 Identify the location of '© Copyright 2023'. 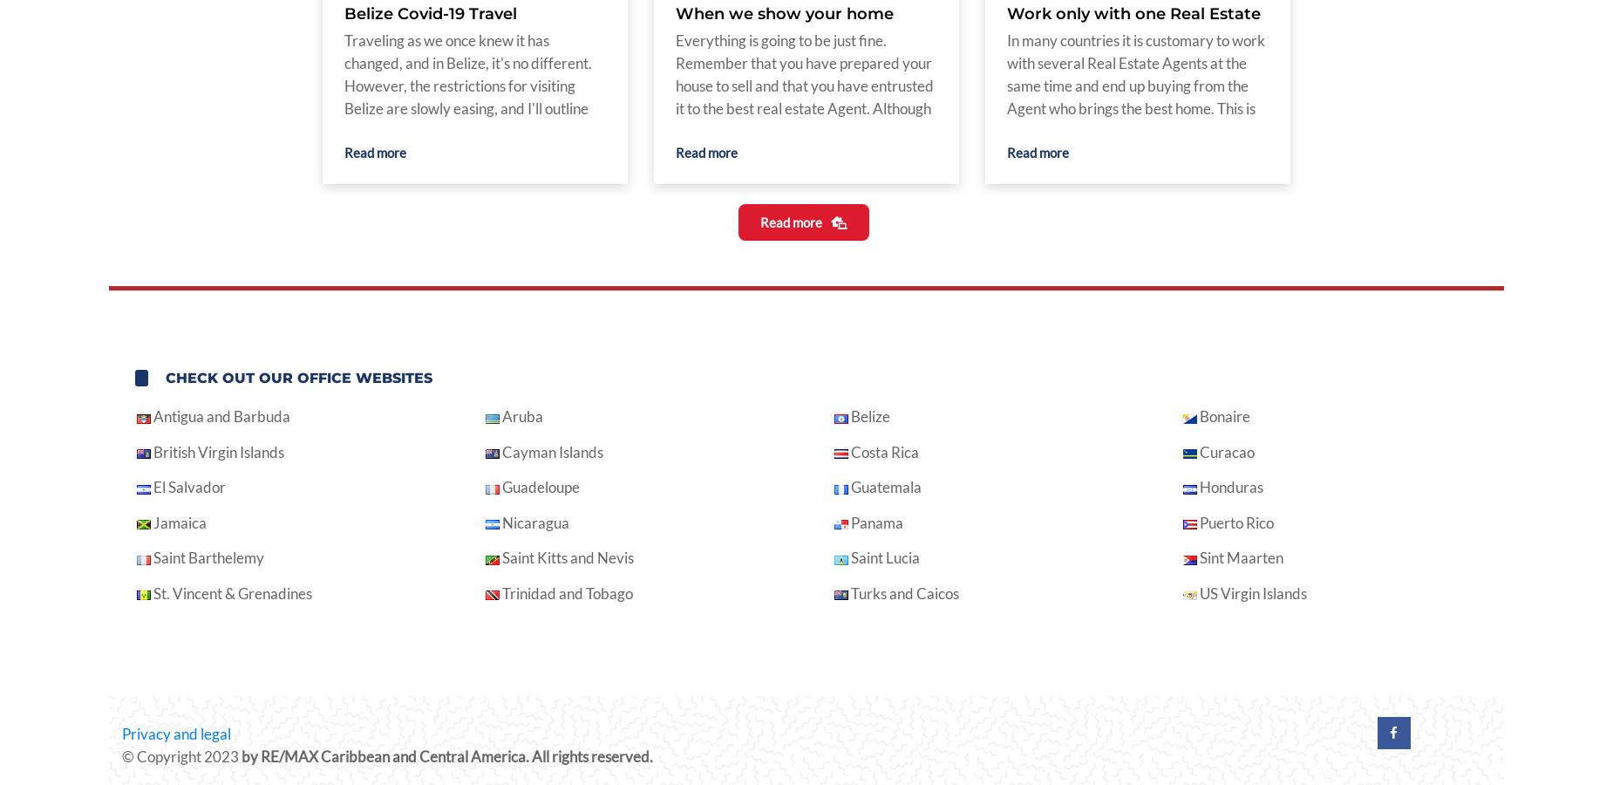
(121, 756).